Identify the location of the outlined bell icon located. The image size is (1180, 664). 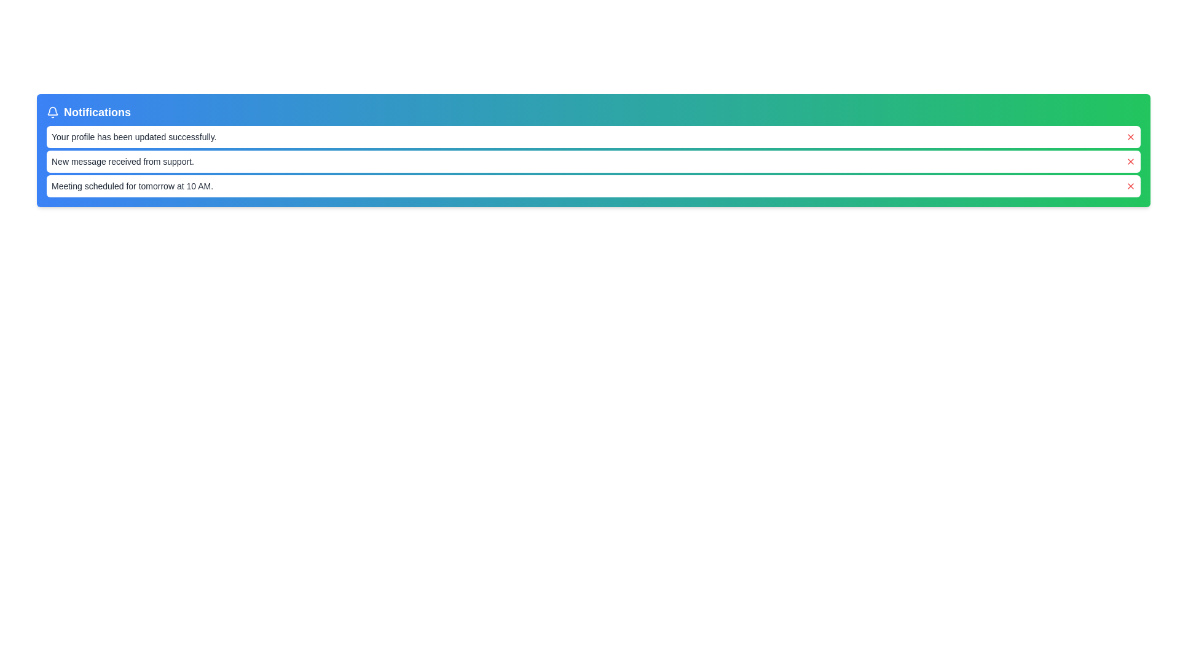
(52, 111).